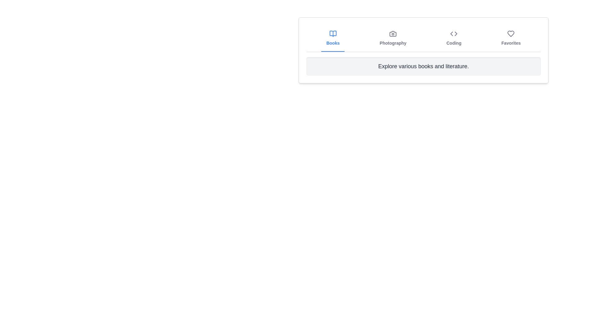  Describe the element at coordinates (511, 42) in the screenshot. I see `text of the static label indicating 'Favorites' in the fourth segment of the top navigation menu` at that location.